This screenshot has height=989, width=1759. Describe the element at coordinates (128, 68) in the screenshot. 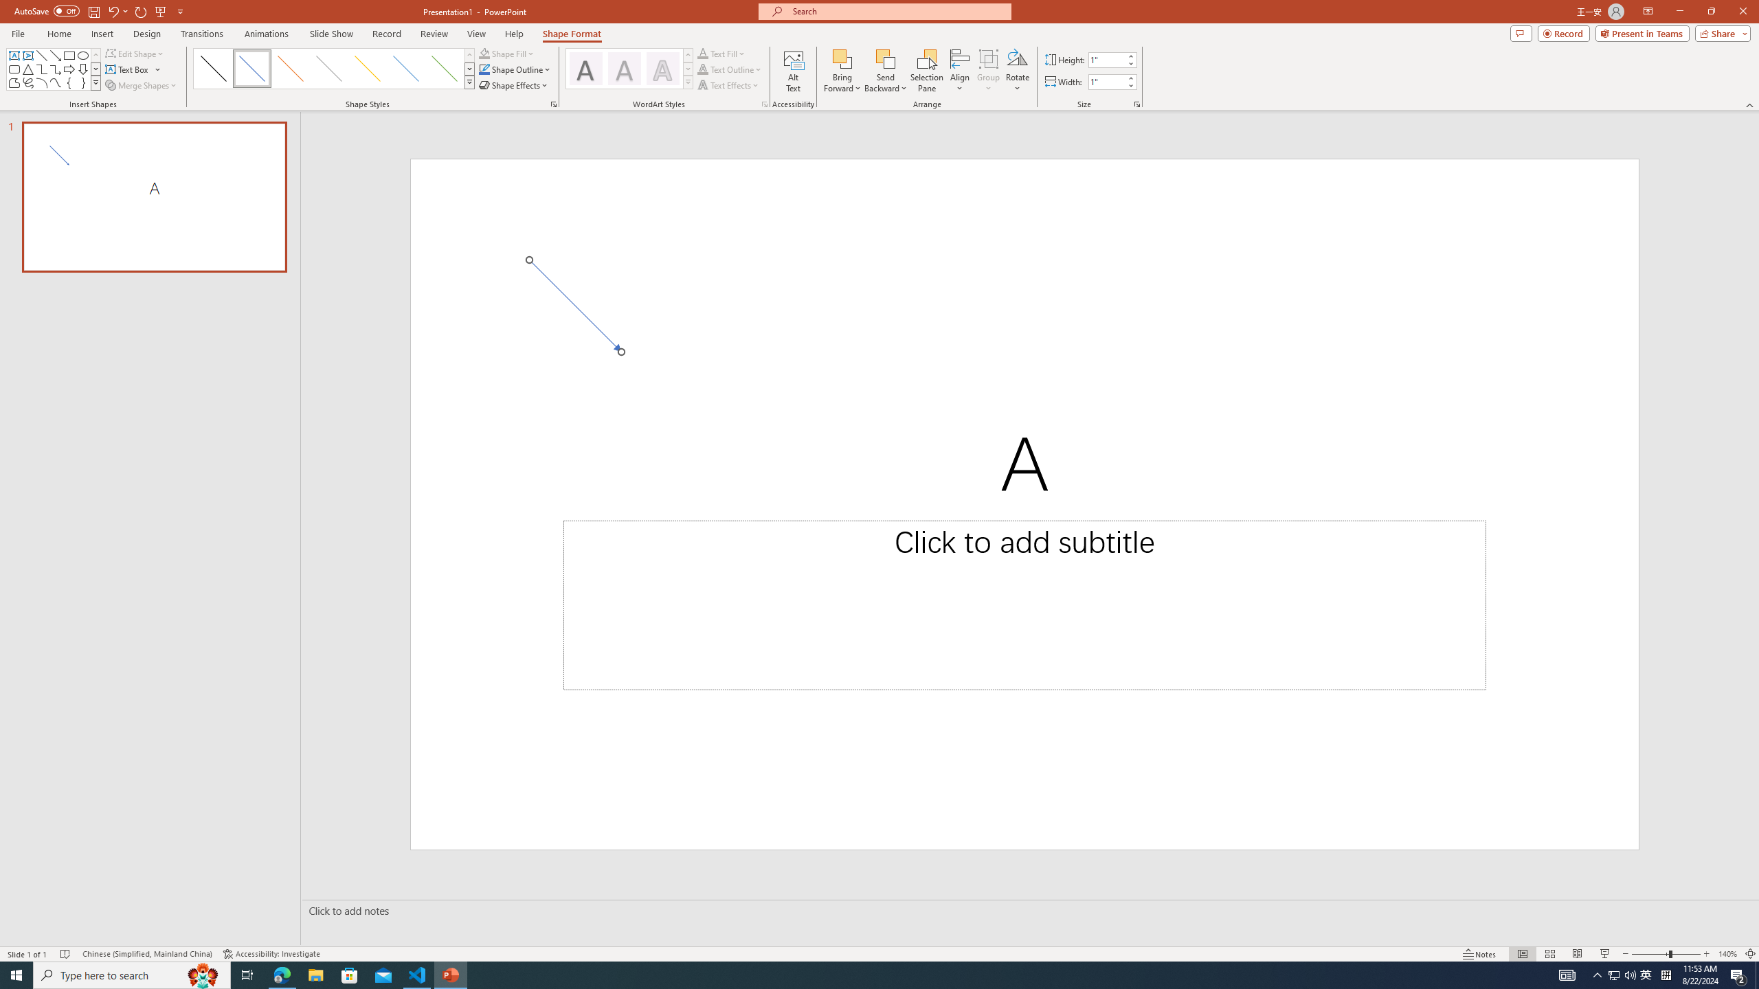

I see `'Draw Horizontal Text Box'` at that location.